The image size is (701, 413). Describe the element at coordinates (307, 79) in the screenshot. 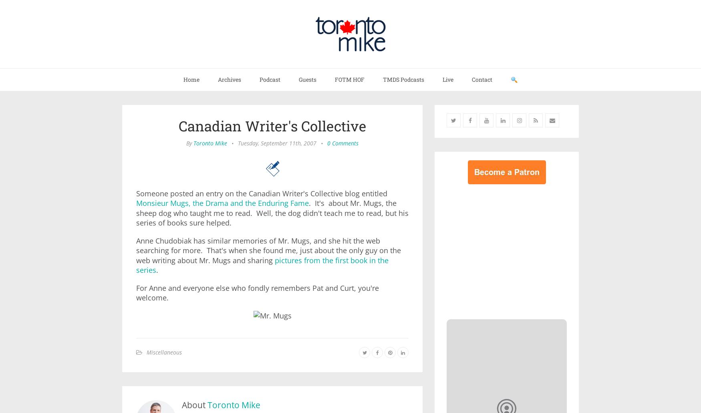

I see `'Guests'` at that location.